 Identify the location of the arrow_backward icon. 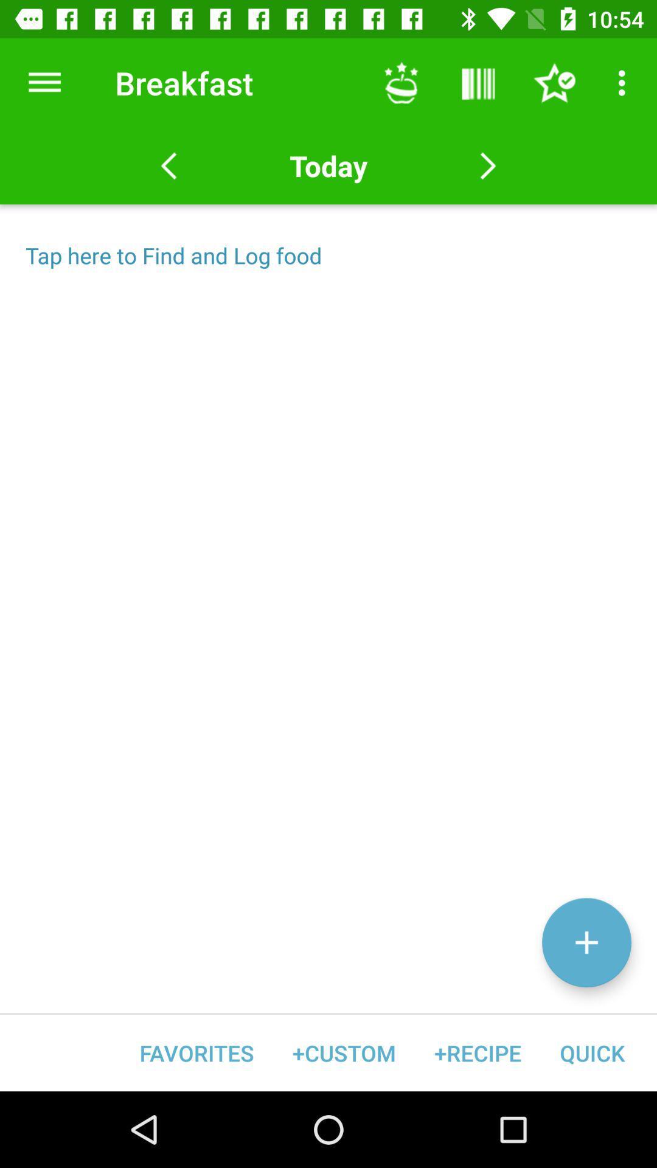
(169, 165).